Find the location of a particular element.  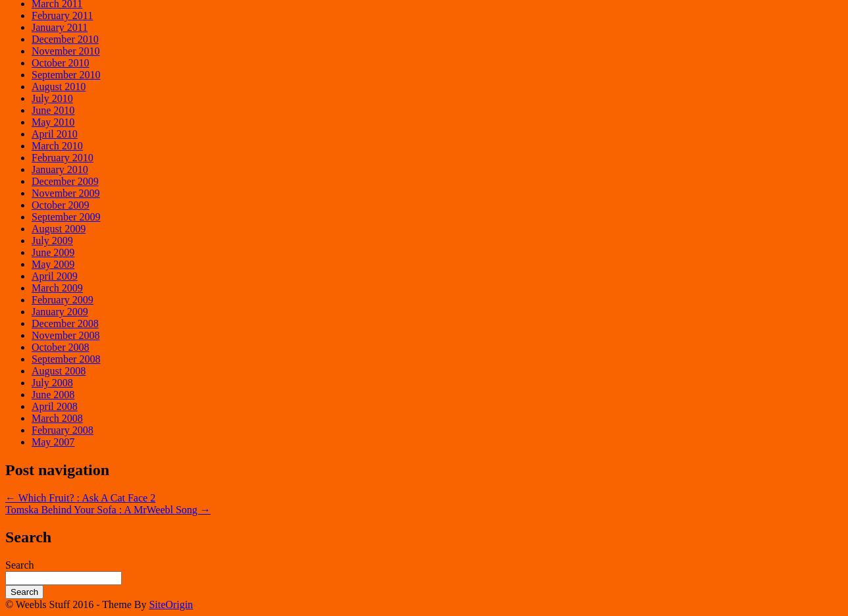

'August 2008' is located at coordinates (59, 369).